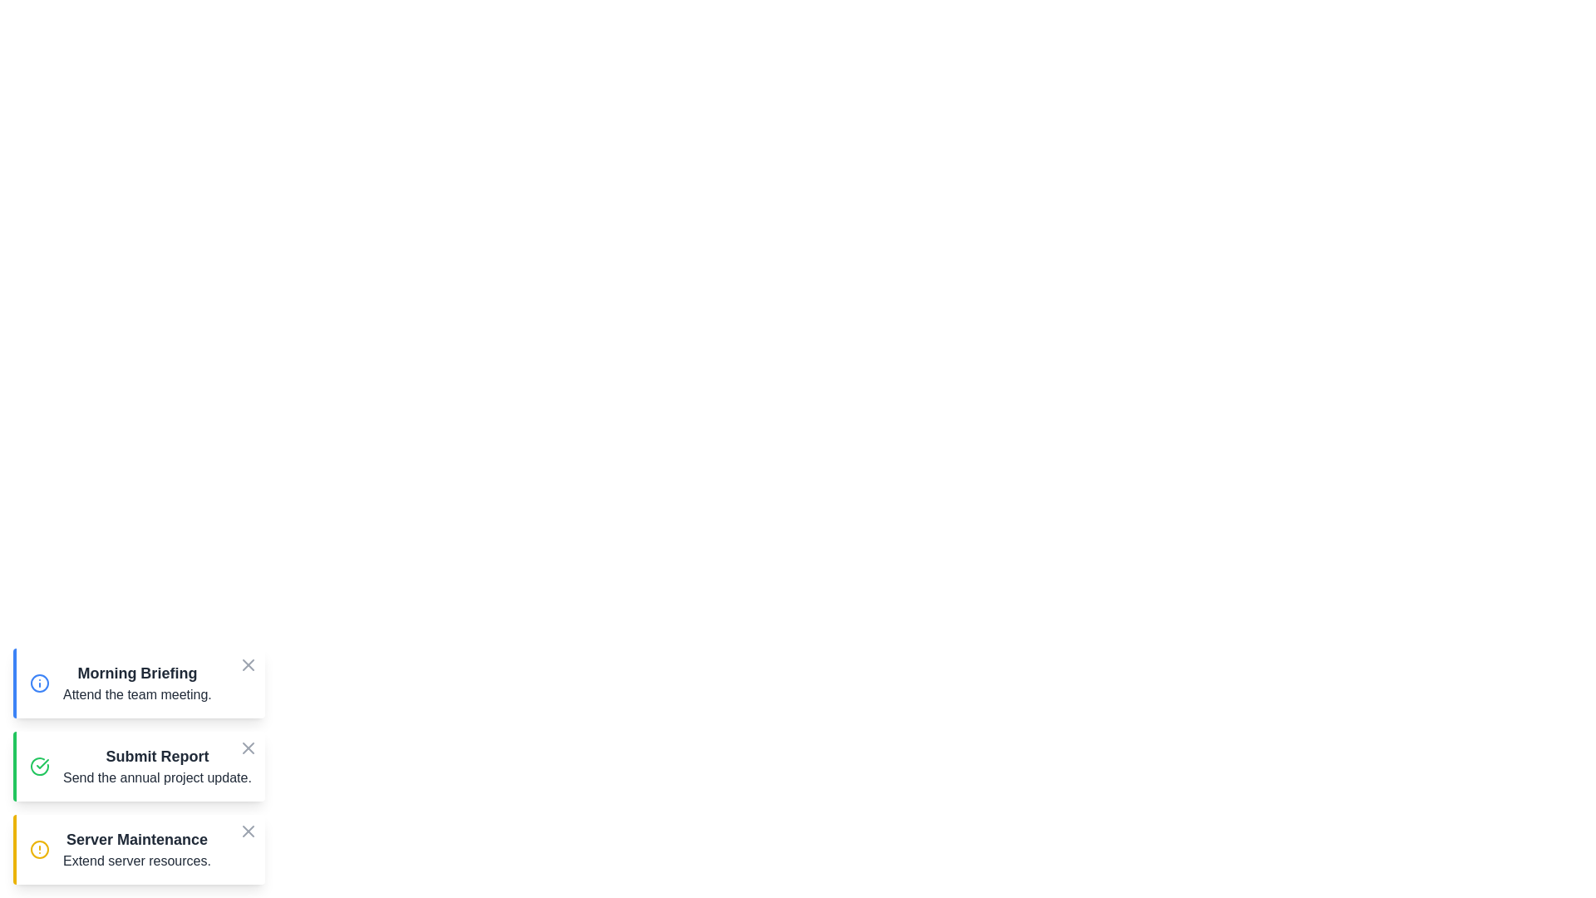  I want to click on the small circular alert icon with a yellow circle and an exclamation mark, located near the 'Server Maintenance' text block, to acknowledge or interact with the alert, so click(40, 850).